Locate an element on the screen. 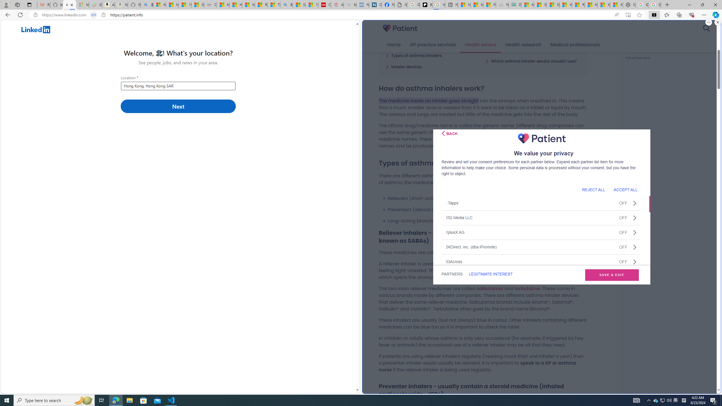 This screenshot has width=722, height=406. 'Combat Siege' is located at coordinates (210, 5).